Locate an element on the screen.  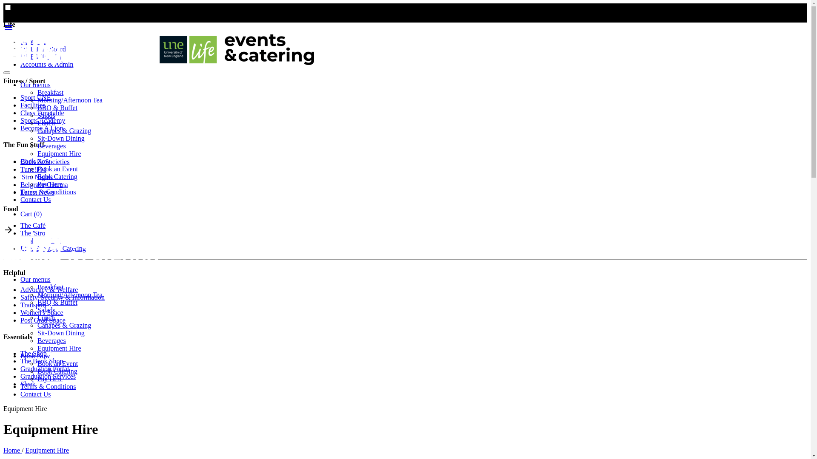
'Post Grad Space' is located at coordinates (42, 320).